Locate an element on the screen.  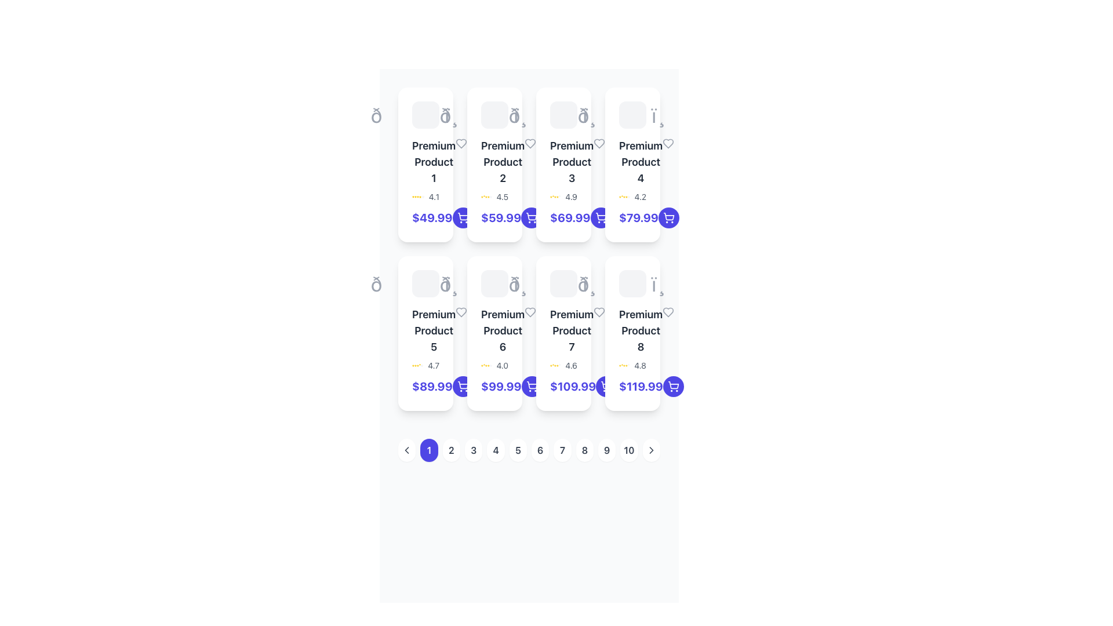
the circular button with a blue background and a white shopping cart icon located at the bottom-right corner of the 'Premium Product 2' card is located at coordinates (531, 217).